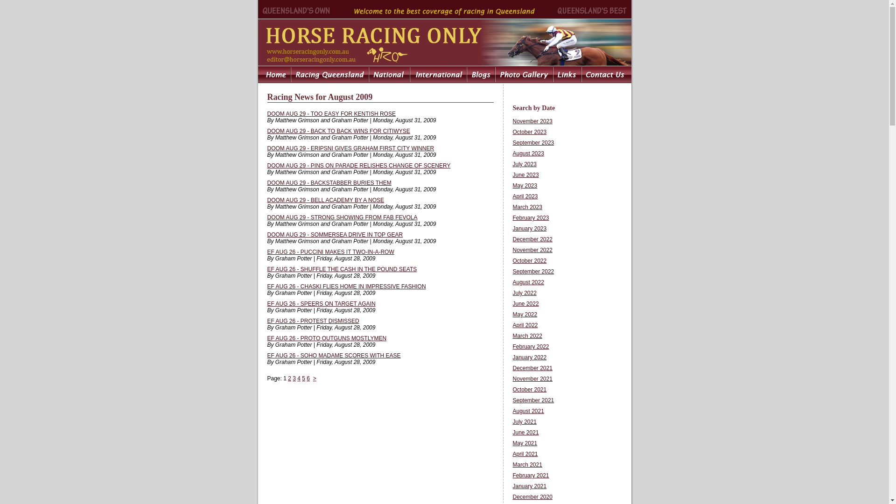 Image resolution: width=896 pixels, height=504 pixels. Describe the element at coordinates (266, 199) in the screenshot. I see `'DOOM AUG 29 - BELL ACADEMY BY A NOSE'` at that location.